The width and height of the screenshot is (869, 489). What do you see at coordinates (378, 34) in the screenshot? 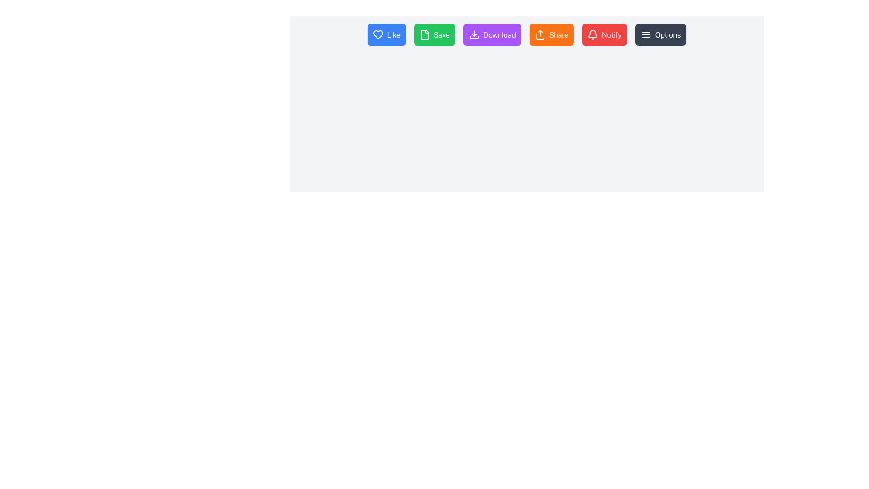
I see `the decorative icon representing the 'Like' button, which is located at the leftmost side of the button in the top-left section of the interface` at bounding box center [378, 34].